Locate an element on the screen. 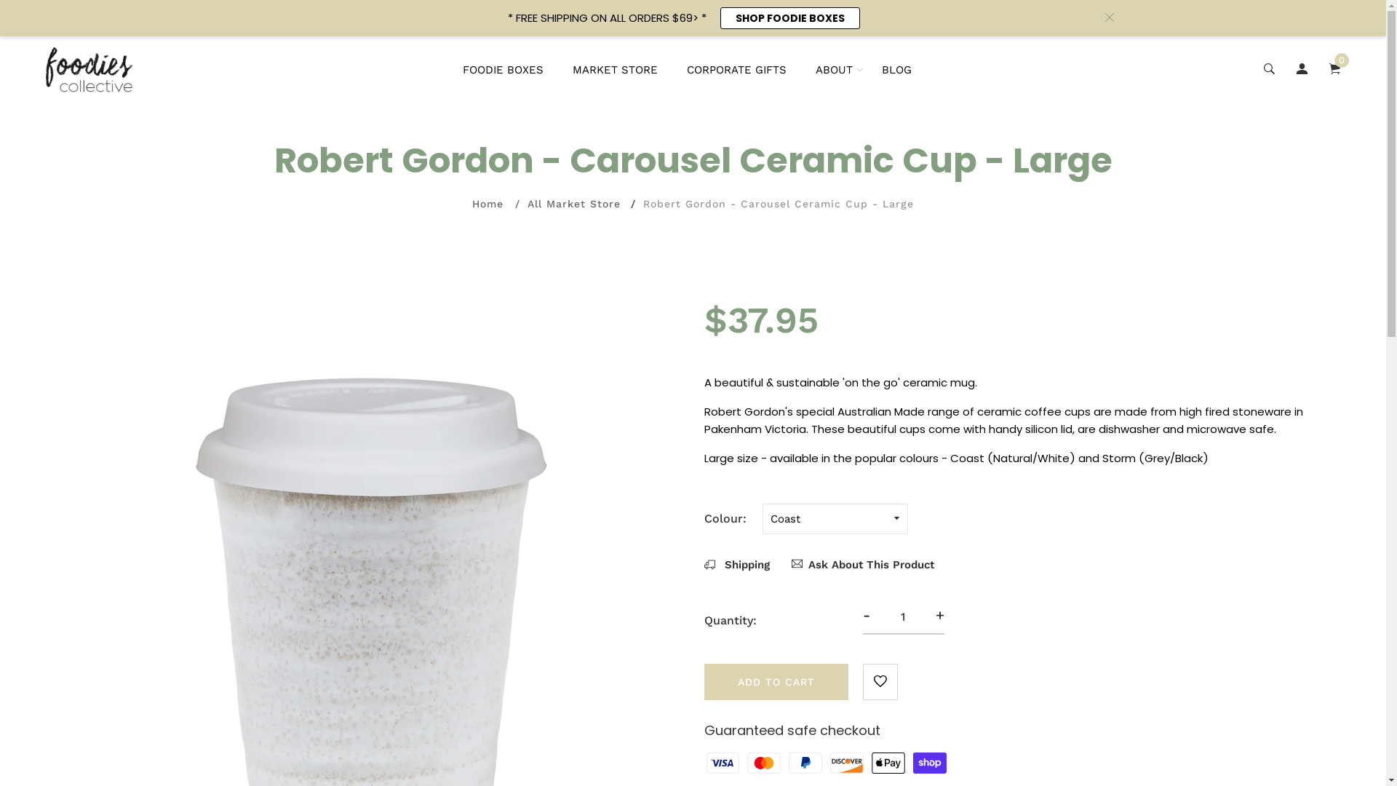 This screenshot has width=1397, height=786. 'Home' is located at coordinates (487, 204).